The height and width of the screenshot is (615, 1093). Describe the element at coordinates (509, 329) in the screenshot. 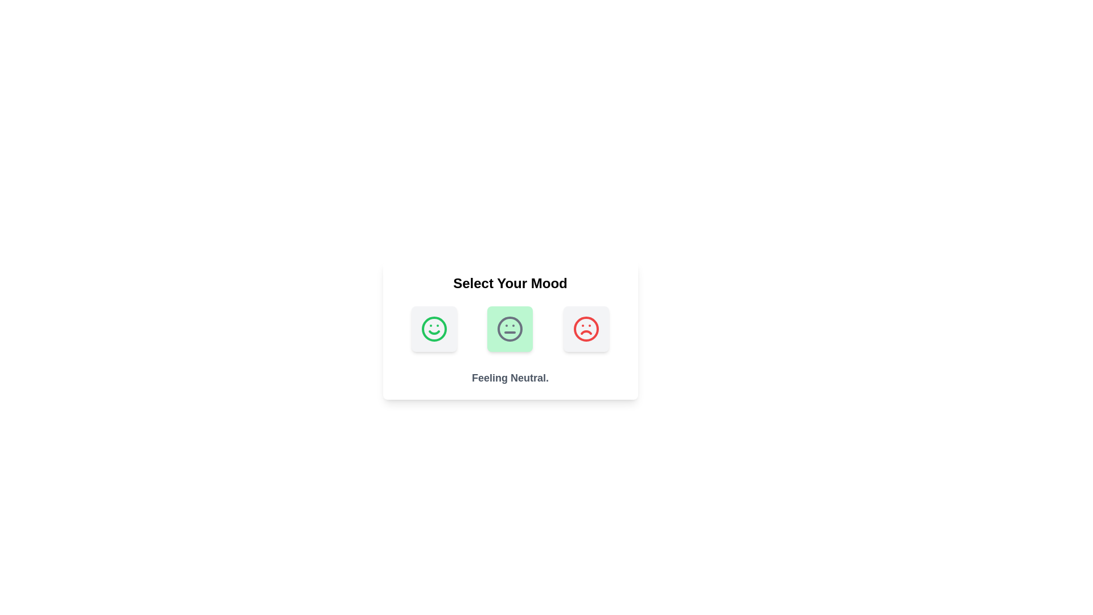

I see `the neutral face icon, which is the second button in a horizontally aligned grid of three mood icons` at that location.